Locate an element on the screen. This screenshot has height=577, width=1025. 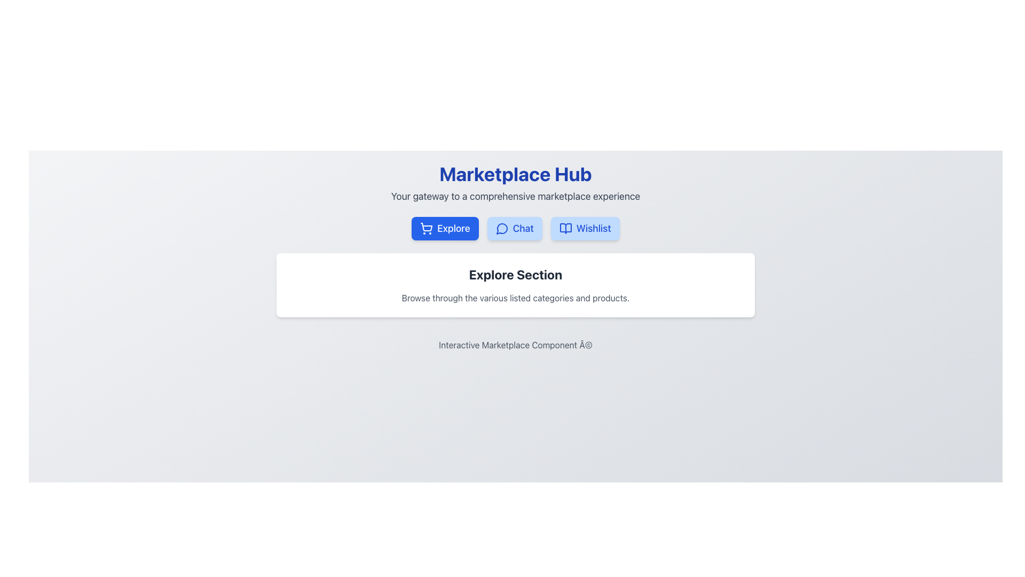
the shopping icon embedded in the 'Explore' button, which is the leftmost button in a row of three buttons below the title 'Marketplace Hub' is located at coordinates (426, 228).